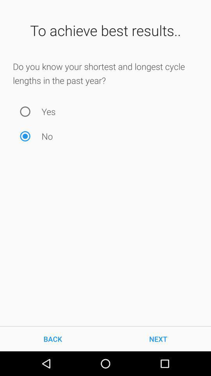  Describe the element at coordinates (25, 136) in the screenshot. I see `no` at that location.